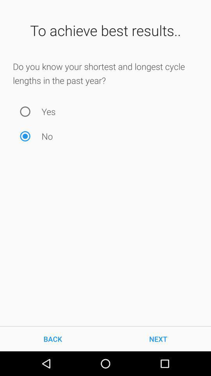  Describe the element at coordinates (25, 136) in the screenshot. I see `no` at that location.